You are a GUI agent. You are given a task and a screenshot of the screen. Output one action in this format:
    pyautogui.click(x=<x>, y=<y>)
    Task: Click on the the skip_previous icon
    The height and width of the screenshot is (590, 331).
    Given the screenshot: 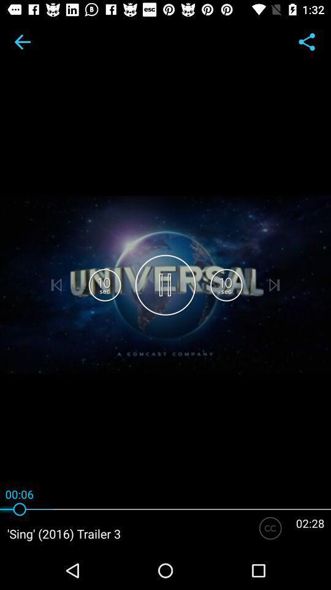 What is the action you would take?
    pyautogui.click(x=56, y=285)
    